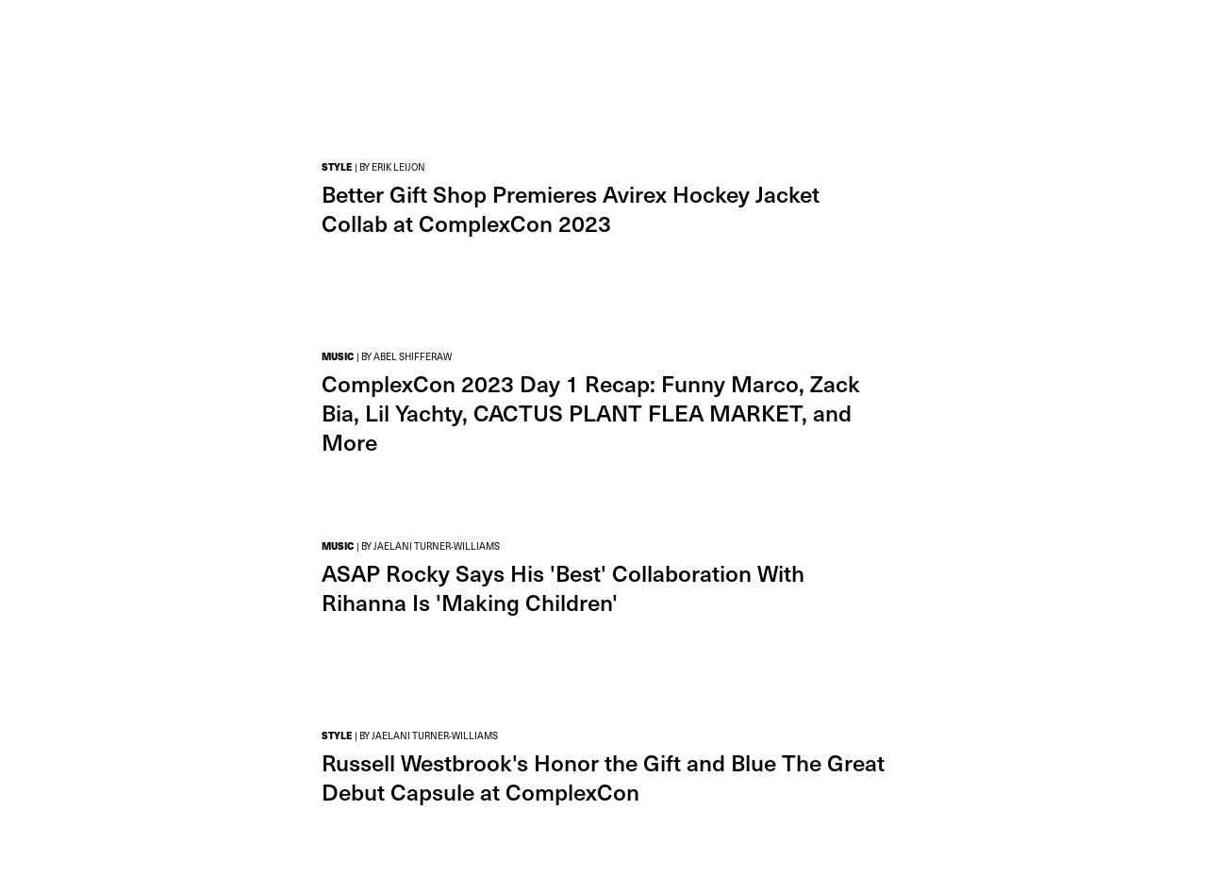 The height and width of the screenshot is (876, 1226). Describe the element at coordinates (571, 207) in the screenshot. I see `'Better Gift Shop Premieres Avirex Hockey Jacket Collab at ComplexCon 2023'` at that location.